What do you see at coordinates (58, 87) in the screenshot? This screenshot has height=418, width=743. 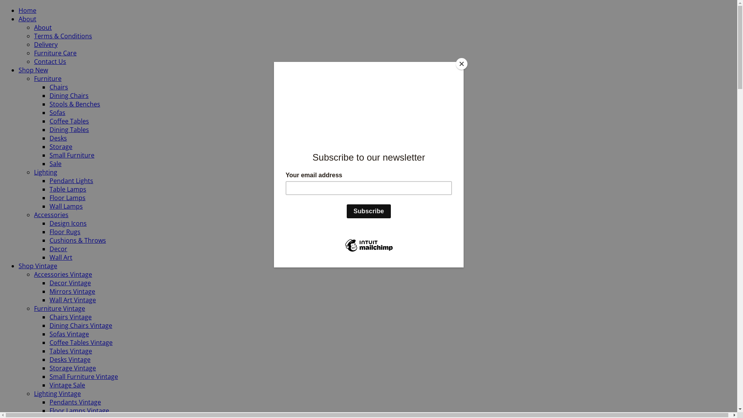 I see `'Chairs'` at bounding box center [58, 87].